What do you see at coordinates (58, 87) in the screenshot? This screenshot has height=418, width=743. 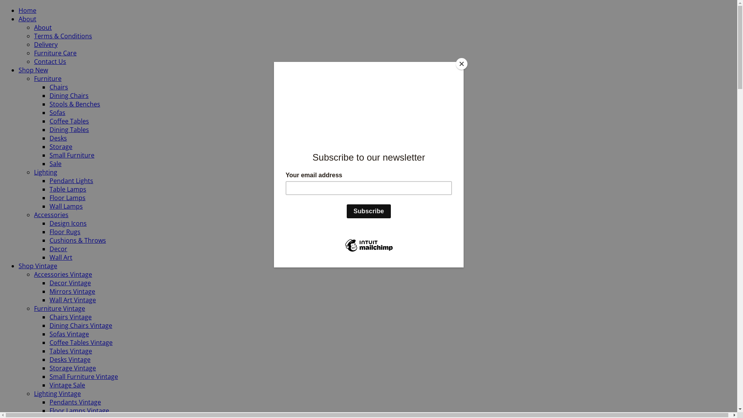 I see `'Chairs'` at bounding box center [58, 87].